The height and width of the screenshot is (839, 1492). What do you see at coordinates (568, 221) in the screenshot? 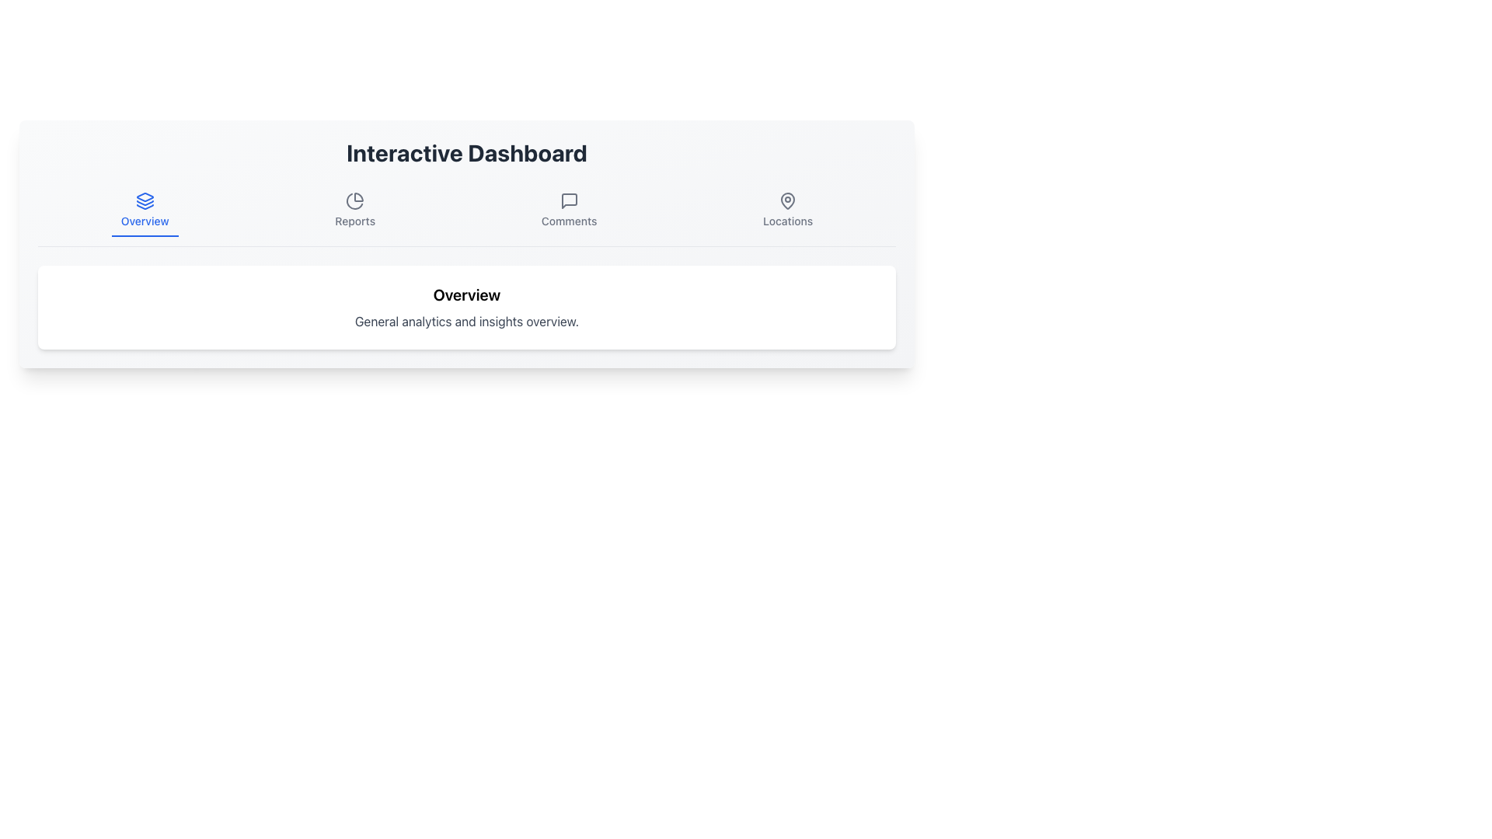
I see `the text label displaying 'Comments', which is located below the speech bubble icon in the middle of the horizontal menu bar` at bounding box center [568, 221].